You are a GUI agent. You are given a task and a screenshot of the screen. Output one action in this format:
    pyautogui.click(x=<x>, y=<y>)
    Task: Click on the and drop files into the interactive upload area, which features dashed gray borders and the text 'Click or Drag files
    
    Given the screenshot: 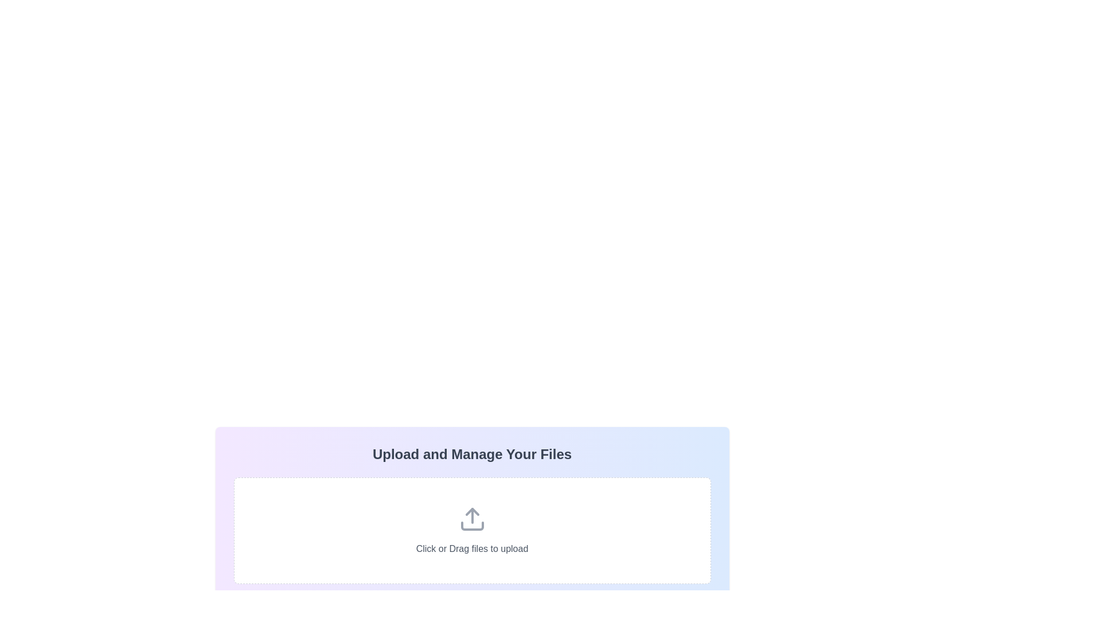 What is the action you would take?
    pyautogui.click(x=472, y=530)
    